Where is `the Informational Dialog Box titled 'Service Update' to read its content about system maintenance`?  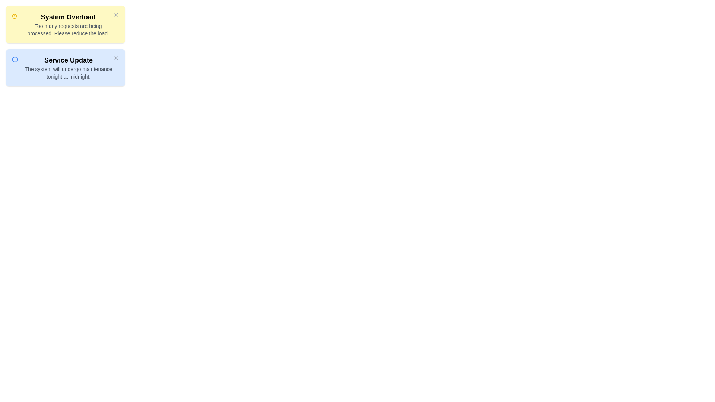 the Informational Dialog Box titled 'Service Update' to read its content about system maintenance is located at coordinates (66, 67).